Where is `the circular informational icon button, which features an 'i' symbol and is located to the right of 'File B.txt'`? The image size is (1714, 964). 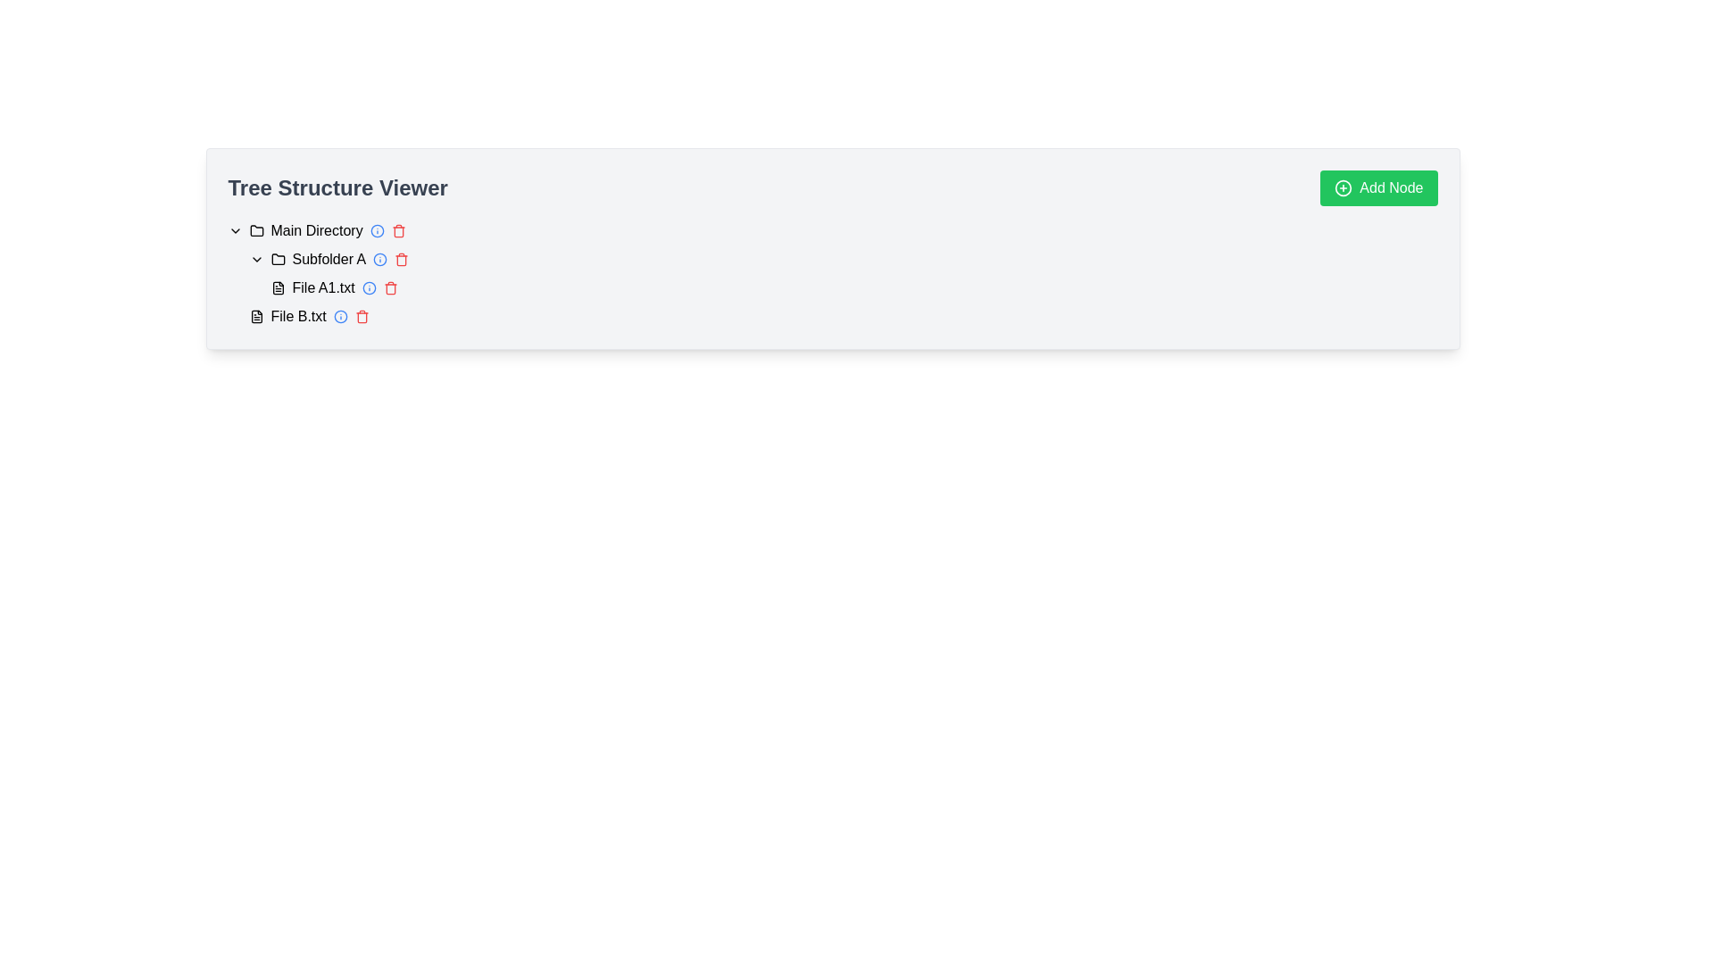 the circular informational icon button, which features an 'i' symbol and is located to the right of 'File B.txt' is located at coordinates (340, 315).